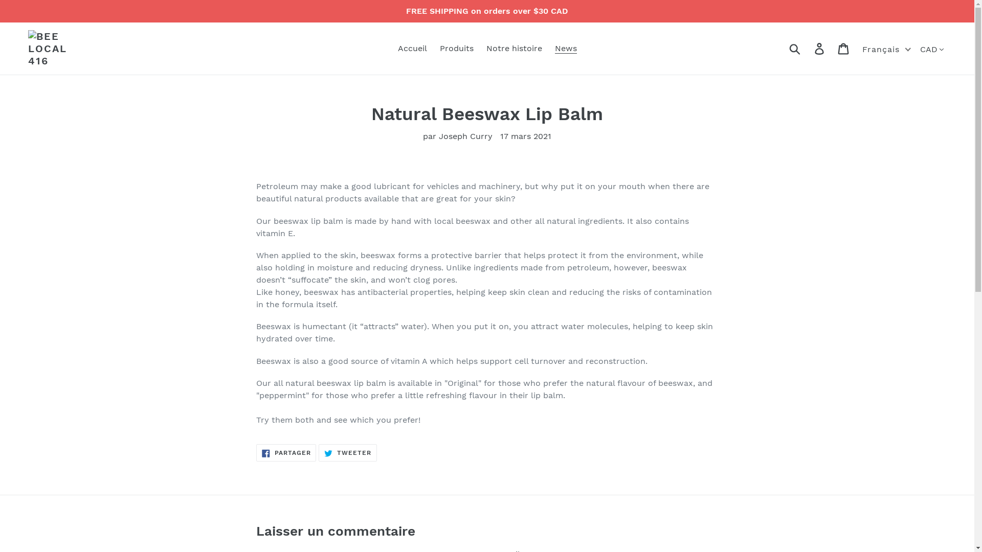 Image resolution: width=982 pixels, height=552 pixels. What do you see at coordinates (348, 453) in the screenshot?
I see `'TWEETER` at bounding box center [348, 453].